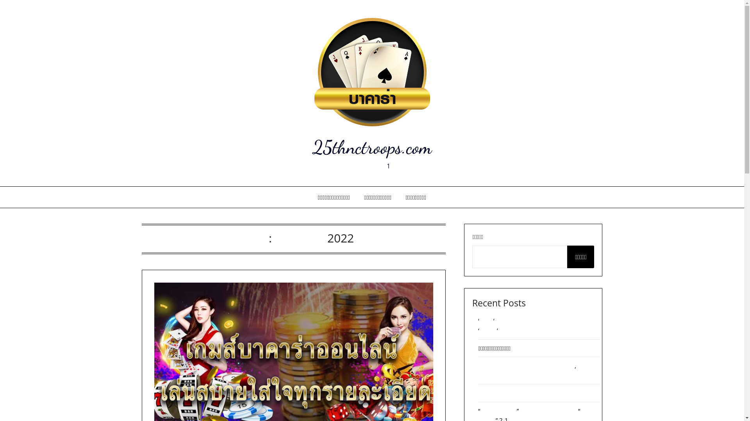  Describe the element at coordinates (371, 147) in the screenshot. I see `'25thnctroops.com'` at that location.